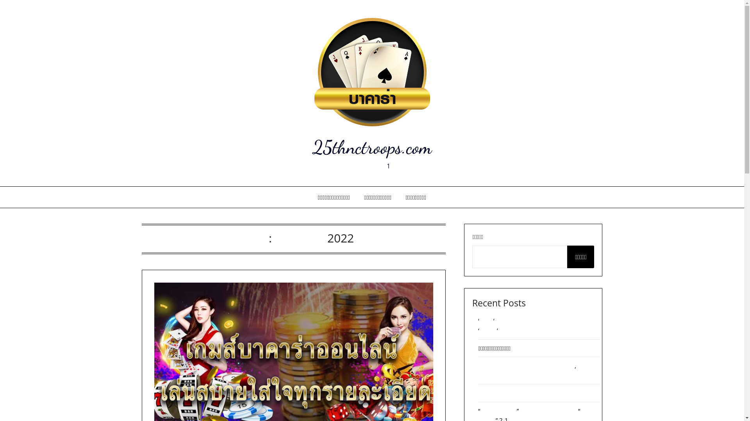  Describe the element at coordinates (371, 147) in the screenshot. I see `'25thnctroops.com'` at that location.